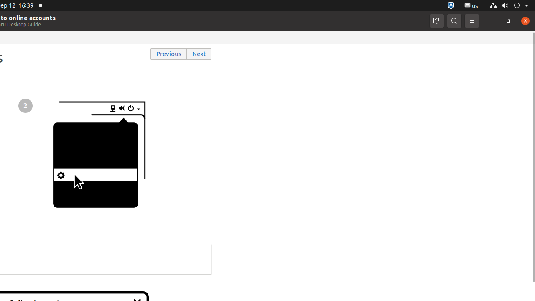 The width and height of the screenshot is (535, 301). I want to click on 'Restore', so click(508, 20).